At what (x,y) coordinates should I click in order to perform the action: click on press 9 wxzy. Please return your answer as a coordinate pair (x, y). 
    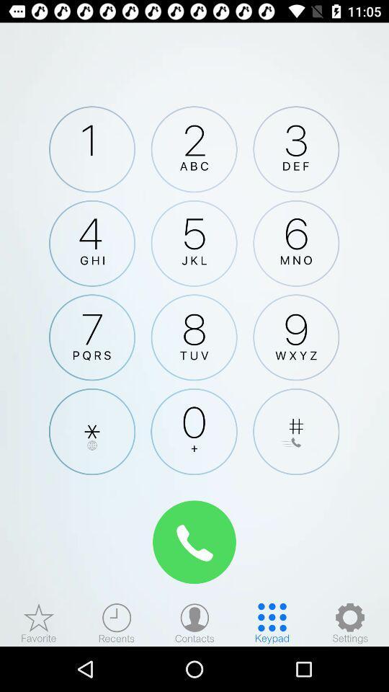
    Looking at the image, I should click on (295, 337).